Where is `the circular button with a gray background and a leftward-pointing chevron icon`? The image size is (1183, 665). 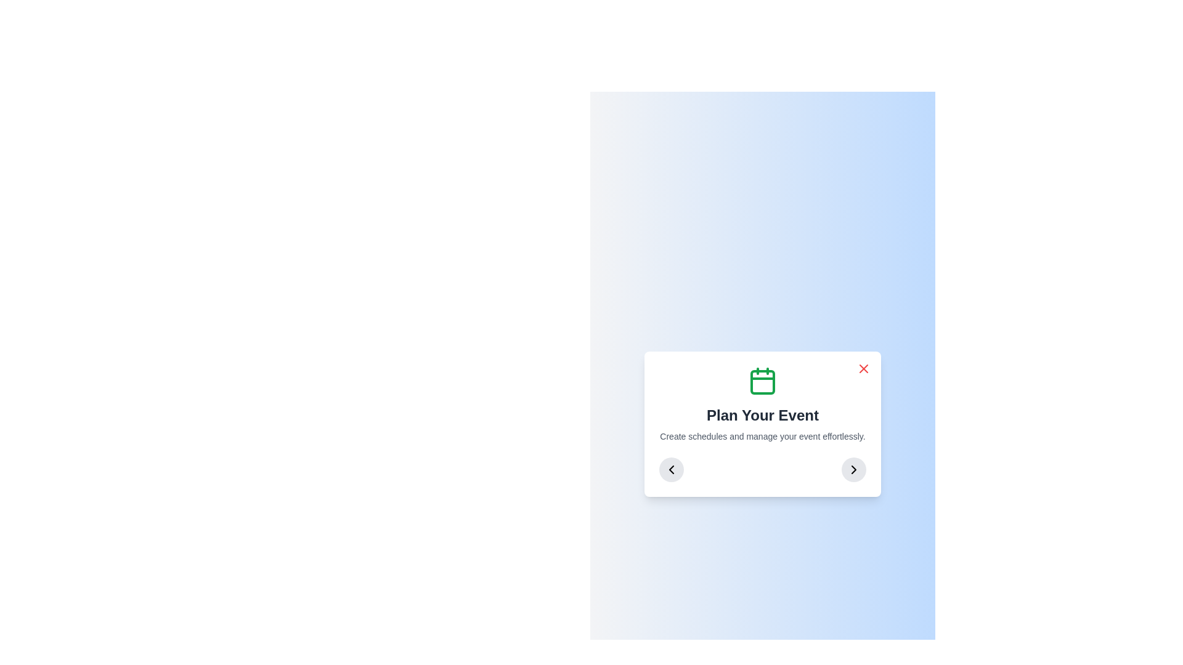 the circular button with a gray background and a leftward-pointing chevron icon is located at coordinates (670, 470).